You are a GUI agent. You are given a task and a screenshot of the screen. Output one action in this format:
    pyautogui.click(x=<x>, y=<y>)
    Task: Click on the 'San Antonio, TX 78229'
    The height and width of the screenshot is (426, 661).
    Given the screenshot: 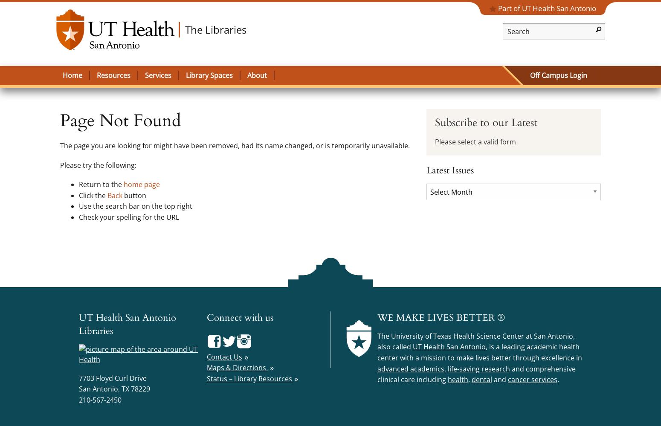 What is the action you would take?
    pyautogui.click(x=114, y=389)
    